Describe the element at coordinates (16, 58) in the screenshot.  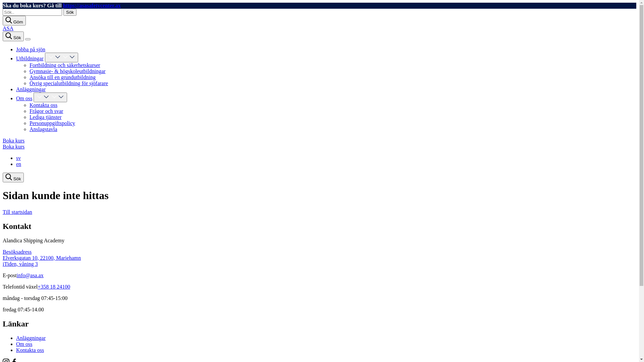
I see `'Utbildningar'` at that location.